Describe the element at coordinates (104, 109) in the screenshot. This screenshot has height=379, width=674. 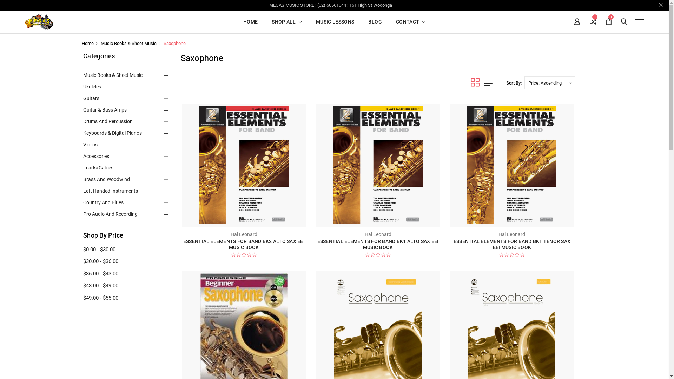
I see `'Guitar & Bass Amps'` at that location.